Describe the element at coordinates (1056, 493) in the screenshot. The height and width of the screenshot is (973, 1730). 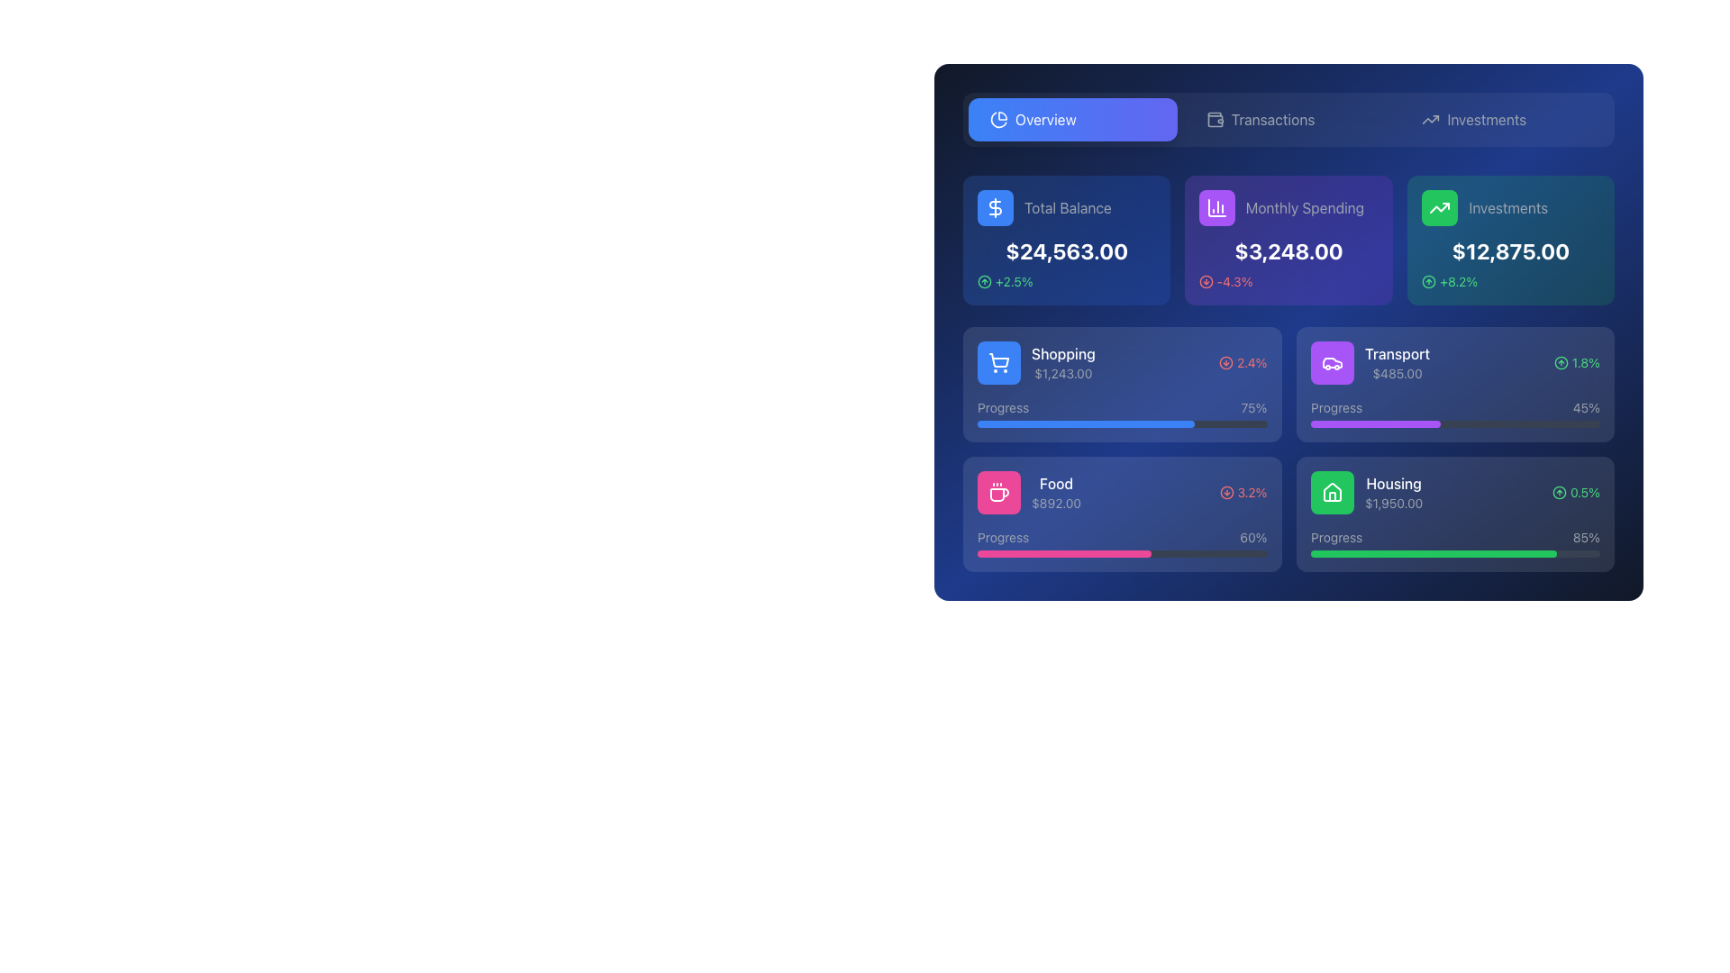
I see `displayed text 'Food' and its value '$892.00' from the text element located in the lower-left section of a segmented card-style layout, specifically positioned on the second row, second column within a grid of widgets` at that location.